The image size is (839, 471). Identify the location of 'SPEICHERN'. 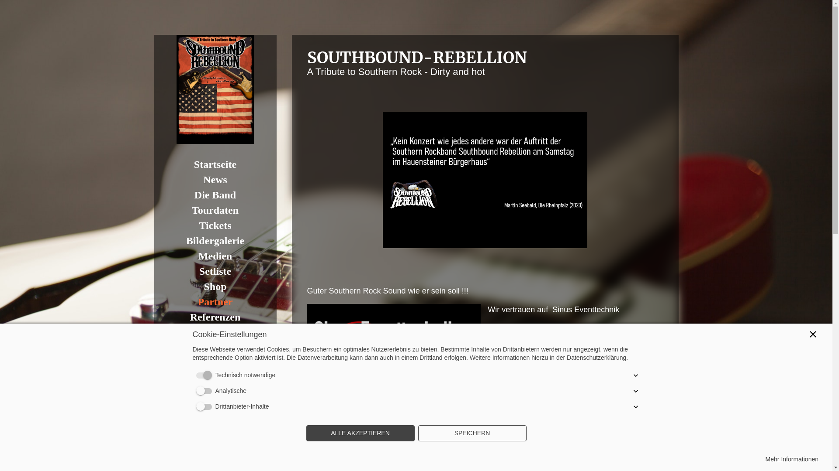
(472, 433).